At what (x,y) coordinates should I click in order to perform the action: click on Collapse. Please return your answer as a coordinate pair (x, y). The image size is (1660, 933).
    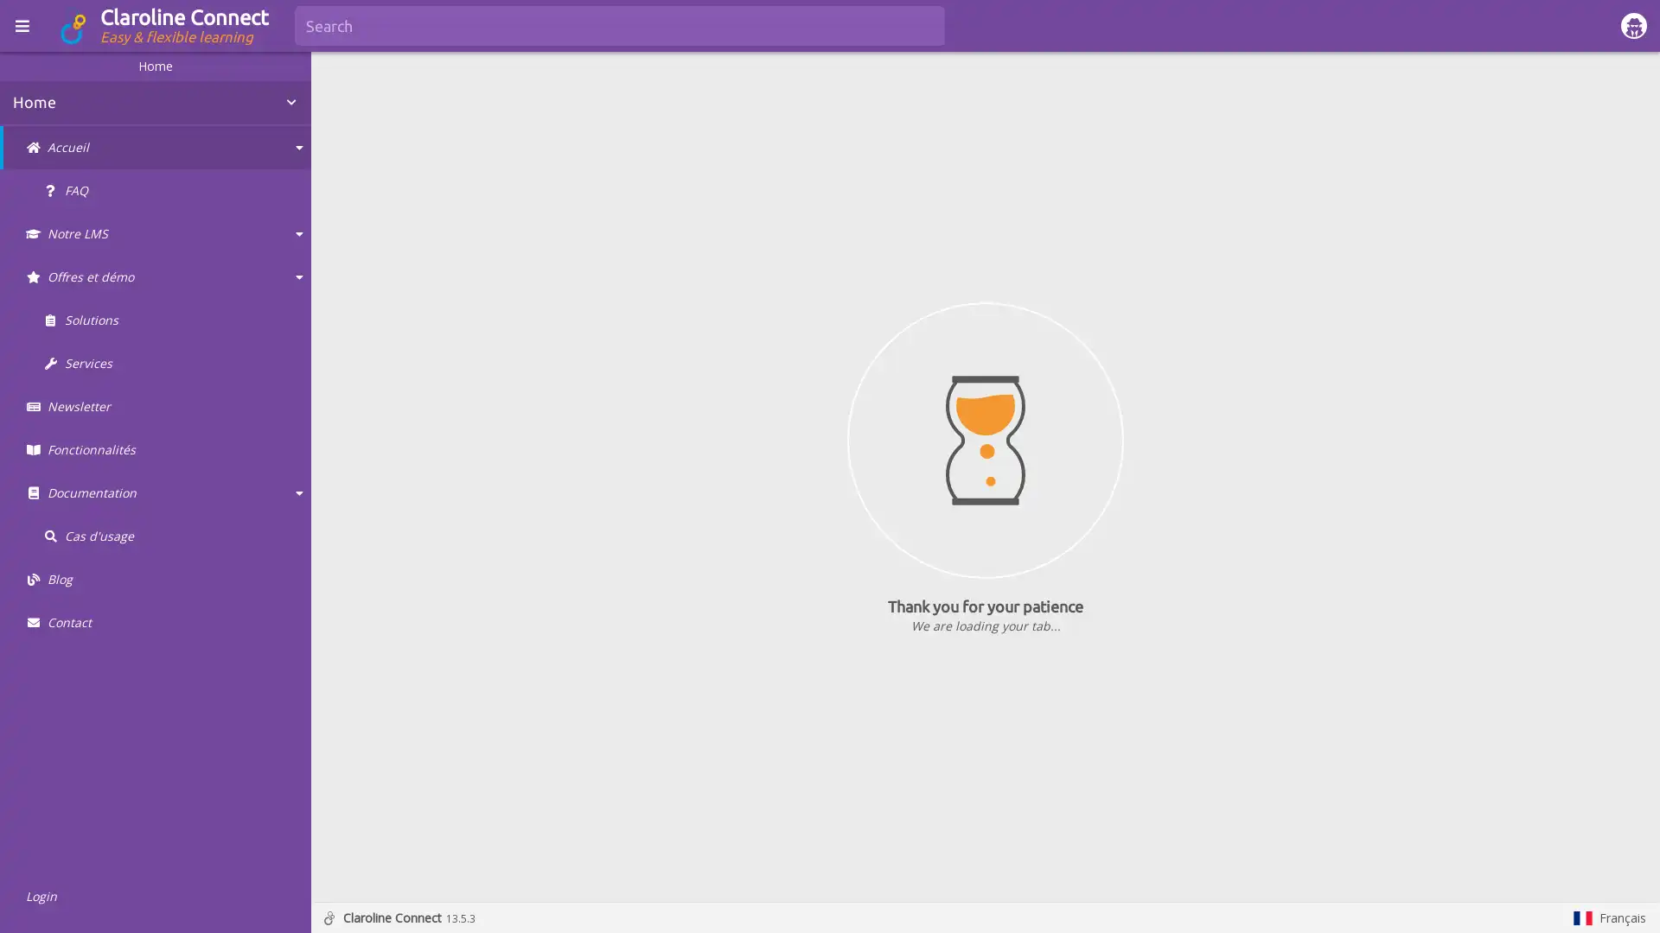
    Looking at the image, I should click on (298, 492).